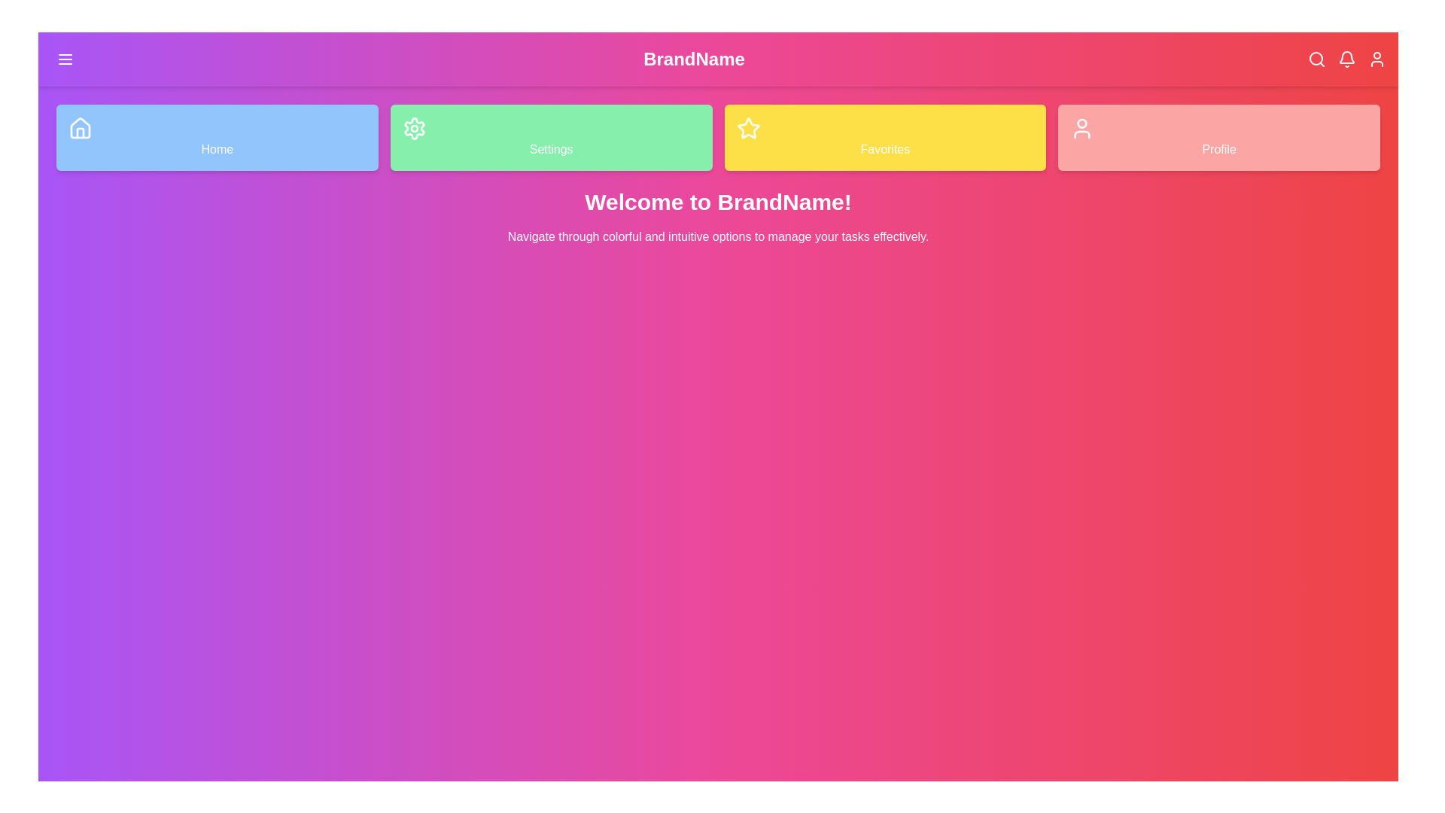  Describe the element at coordinates (1219, 137) in the screenshot. I see `the navigation button Profile` at that location.